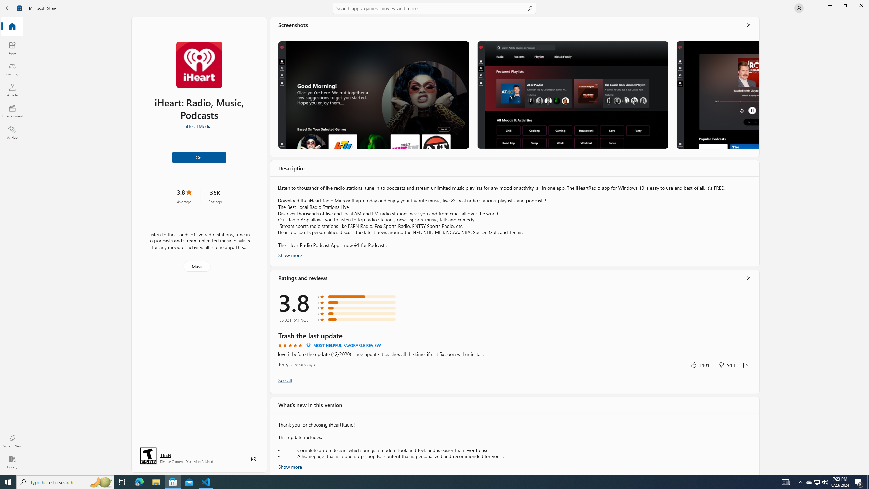 The height and width of the screenshot is (489, 869). What do you see at coordinates (861, 5) in the screenshot?
I see `'Close Microsoft Store'` at bounding box center [861, 5].